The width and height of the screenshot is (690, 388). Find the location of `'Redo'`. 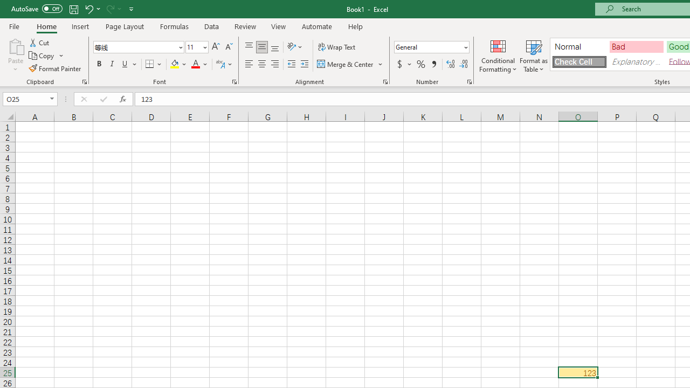

'Redo' is located at coordinates (109, 9).